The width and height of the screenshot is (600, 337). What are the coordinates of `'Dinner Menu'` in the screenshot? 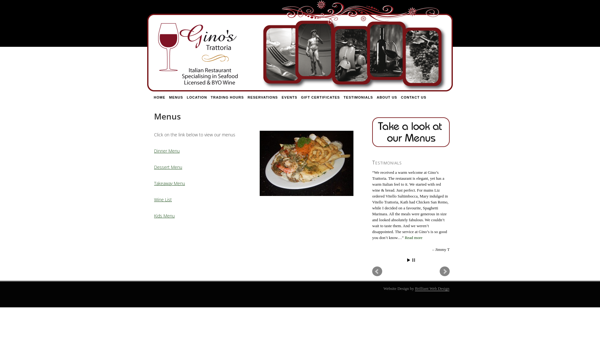 It's located at (167, 151).